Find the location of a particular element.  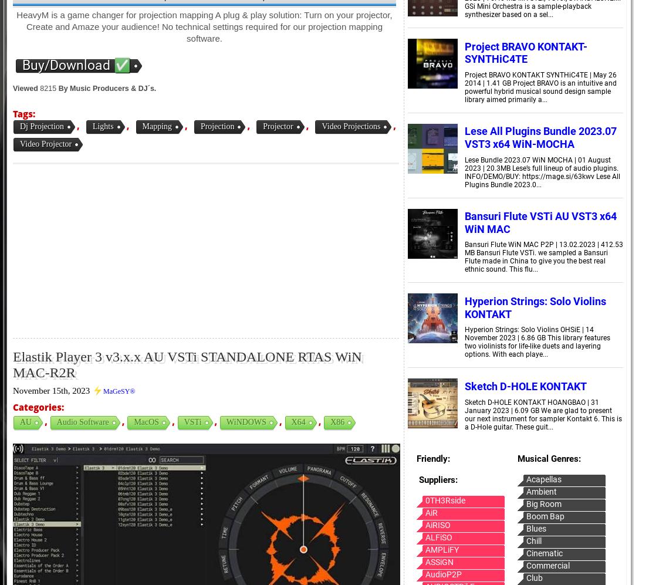

'SDX' is located at coordinates (192, 62).